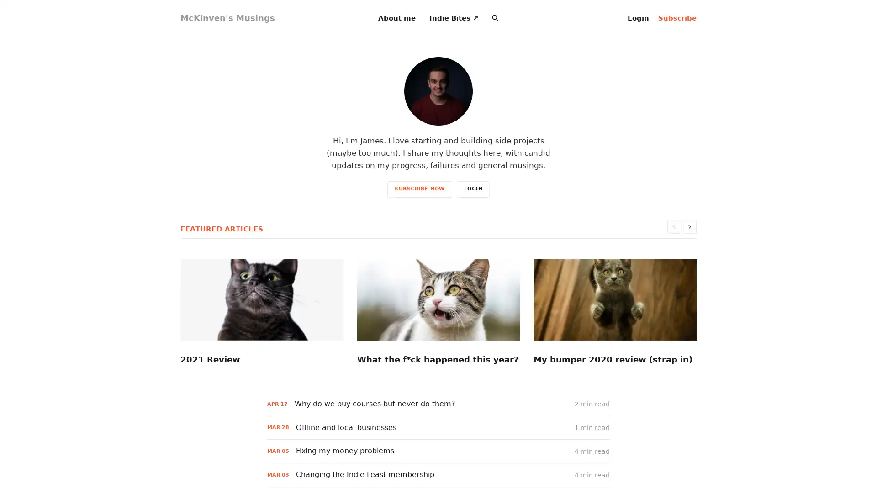 The width and height of the screenshot is (877, 493). What do you see at coordinates (473, 188) in the screenshot?
I see `LOGIN` at bounding box center [473, 188].